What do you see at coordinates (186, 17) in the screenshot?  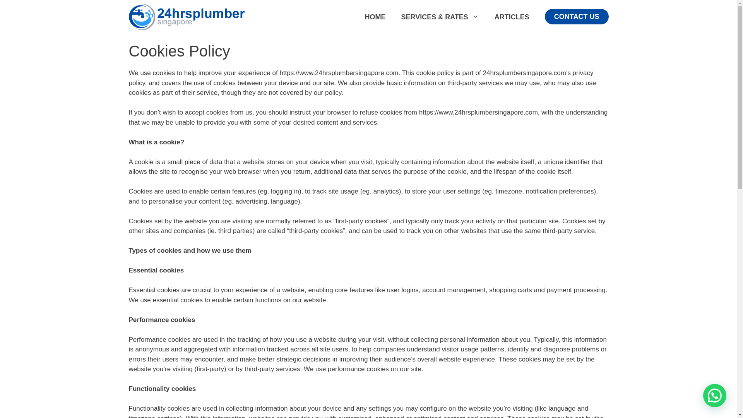 I see `'Experienced Plumber Services'` at bounding box center [186, 17].